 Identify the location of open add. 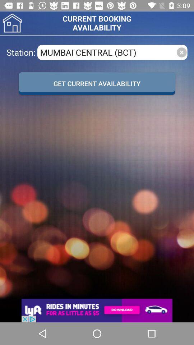
(97, 310).